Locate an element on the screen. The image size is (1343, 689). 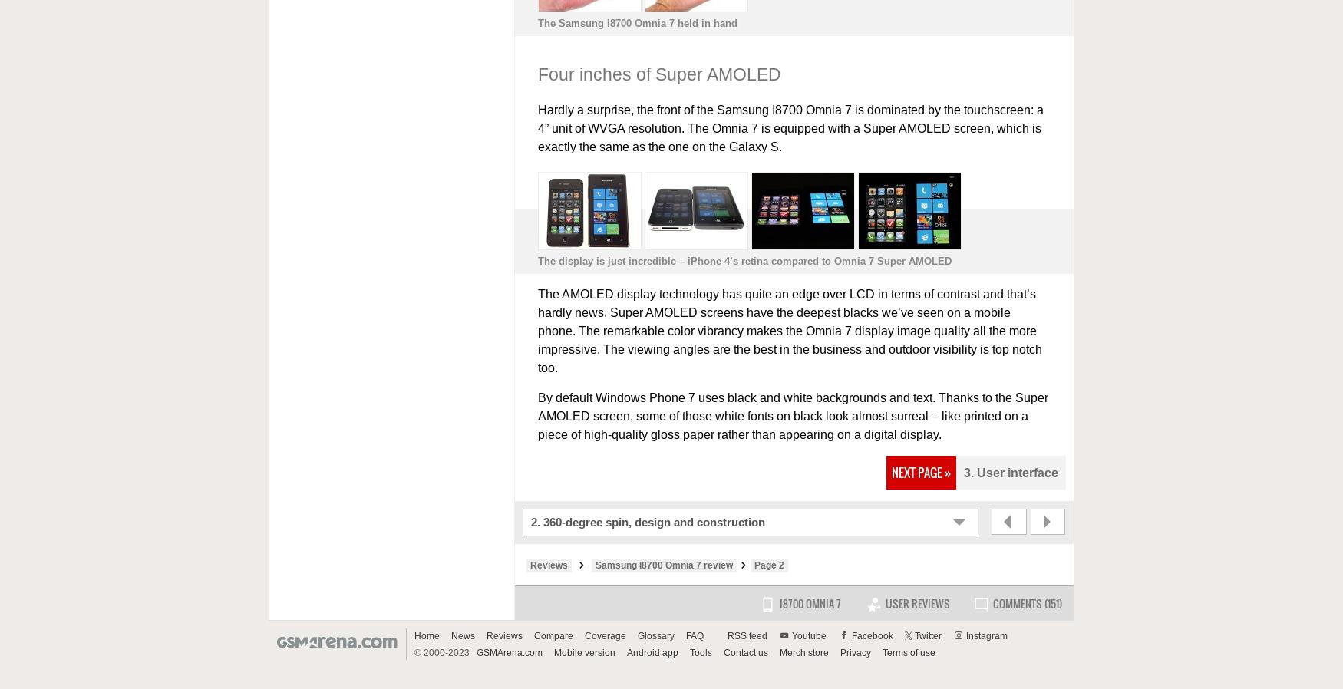
'3. User interface' is located at coordinates (1010, 471).